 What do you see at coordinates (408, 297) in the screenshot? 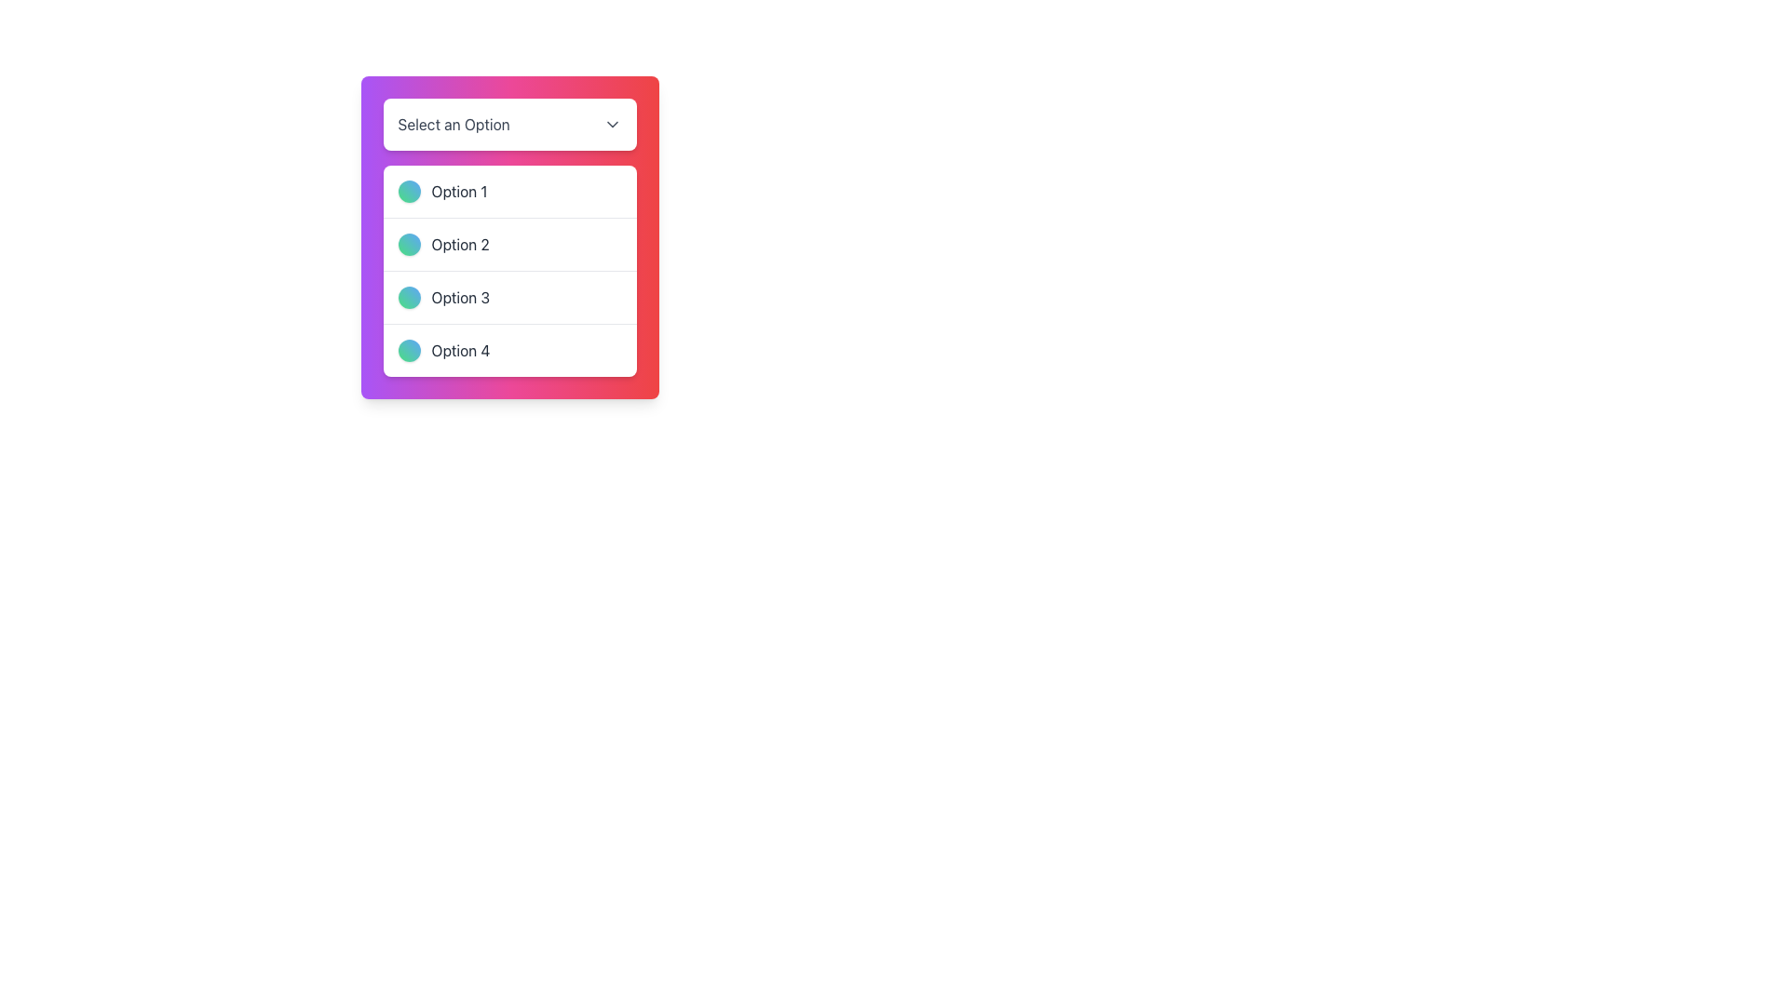
I see `the circular gradient icon located to the left of the text label 'Option 3', which is the third item in a vertical list under a dropdown menu` at bounding box center [408, 297].